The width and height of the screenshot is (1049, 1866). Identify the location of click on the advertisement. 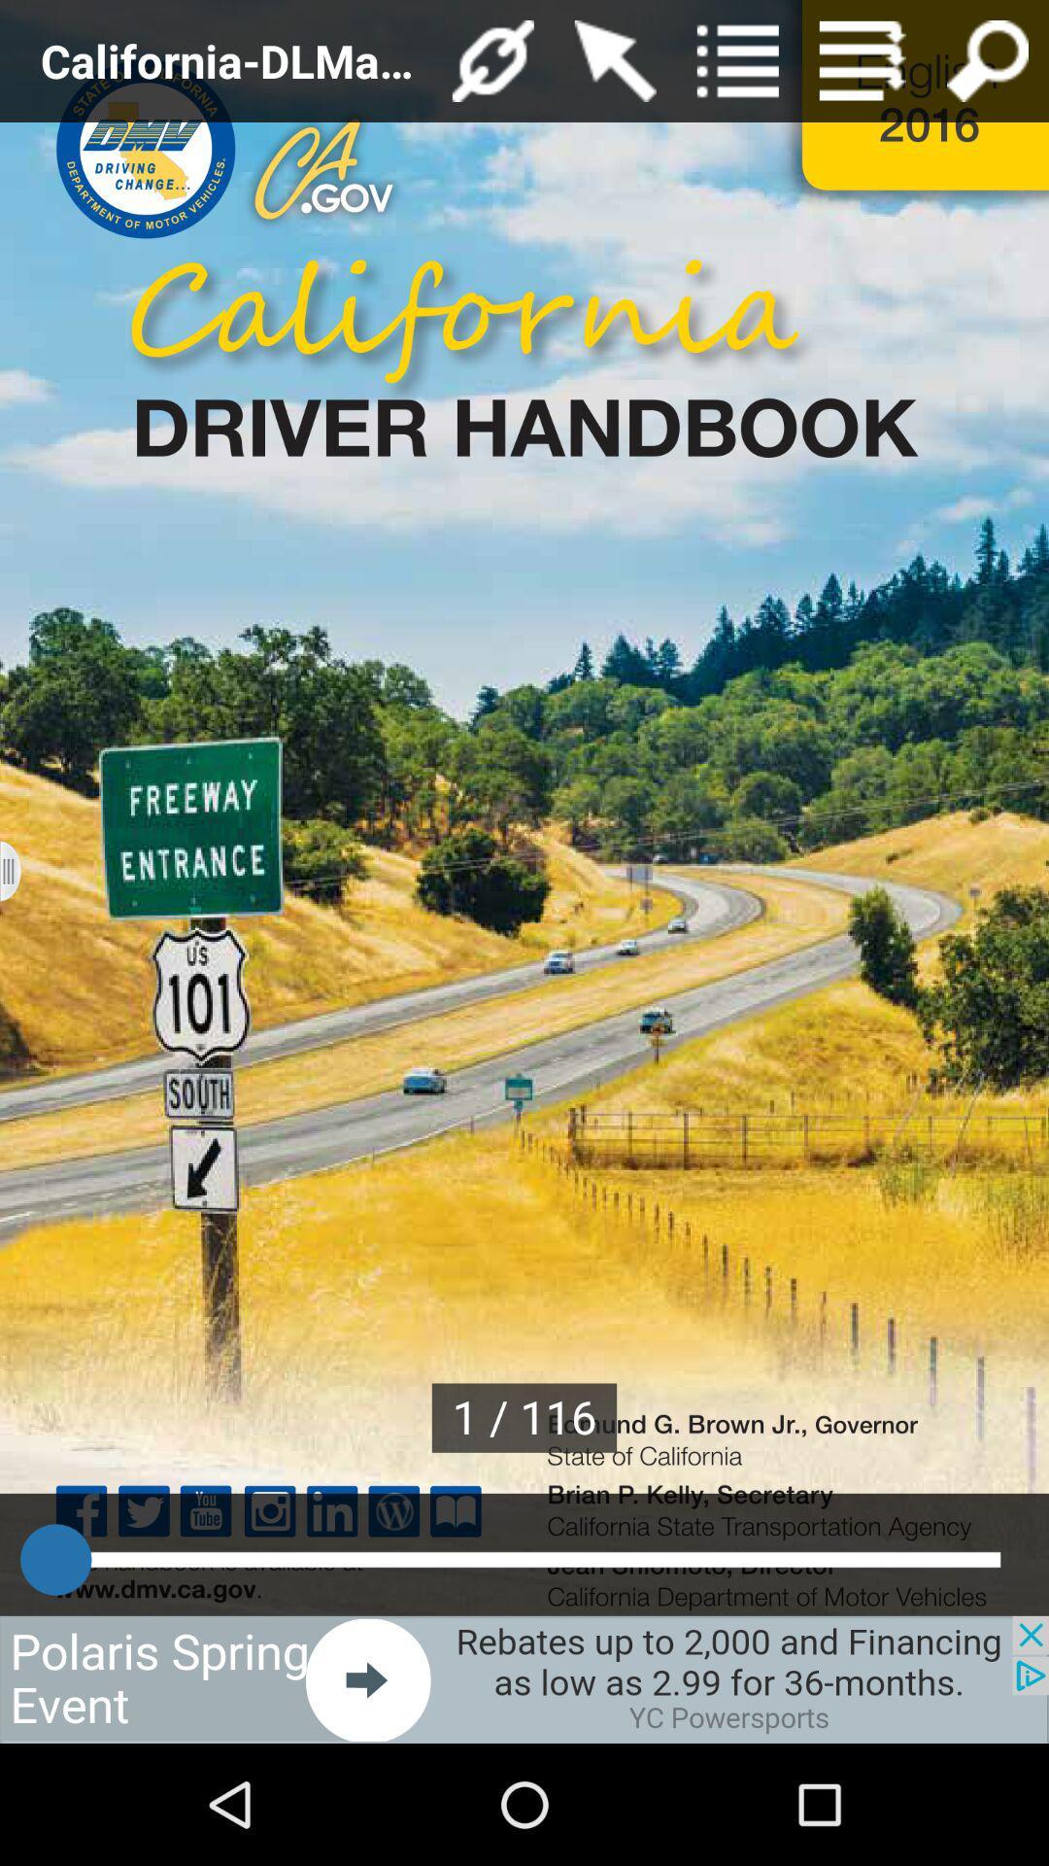
(524, 1678).